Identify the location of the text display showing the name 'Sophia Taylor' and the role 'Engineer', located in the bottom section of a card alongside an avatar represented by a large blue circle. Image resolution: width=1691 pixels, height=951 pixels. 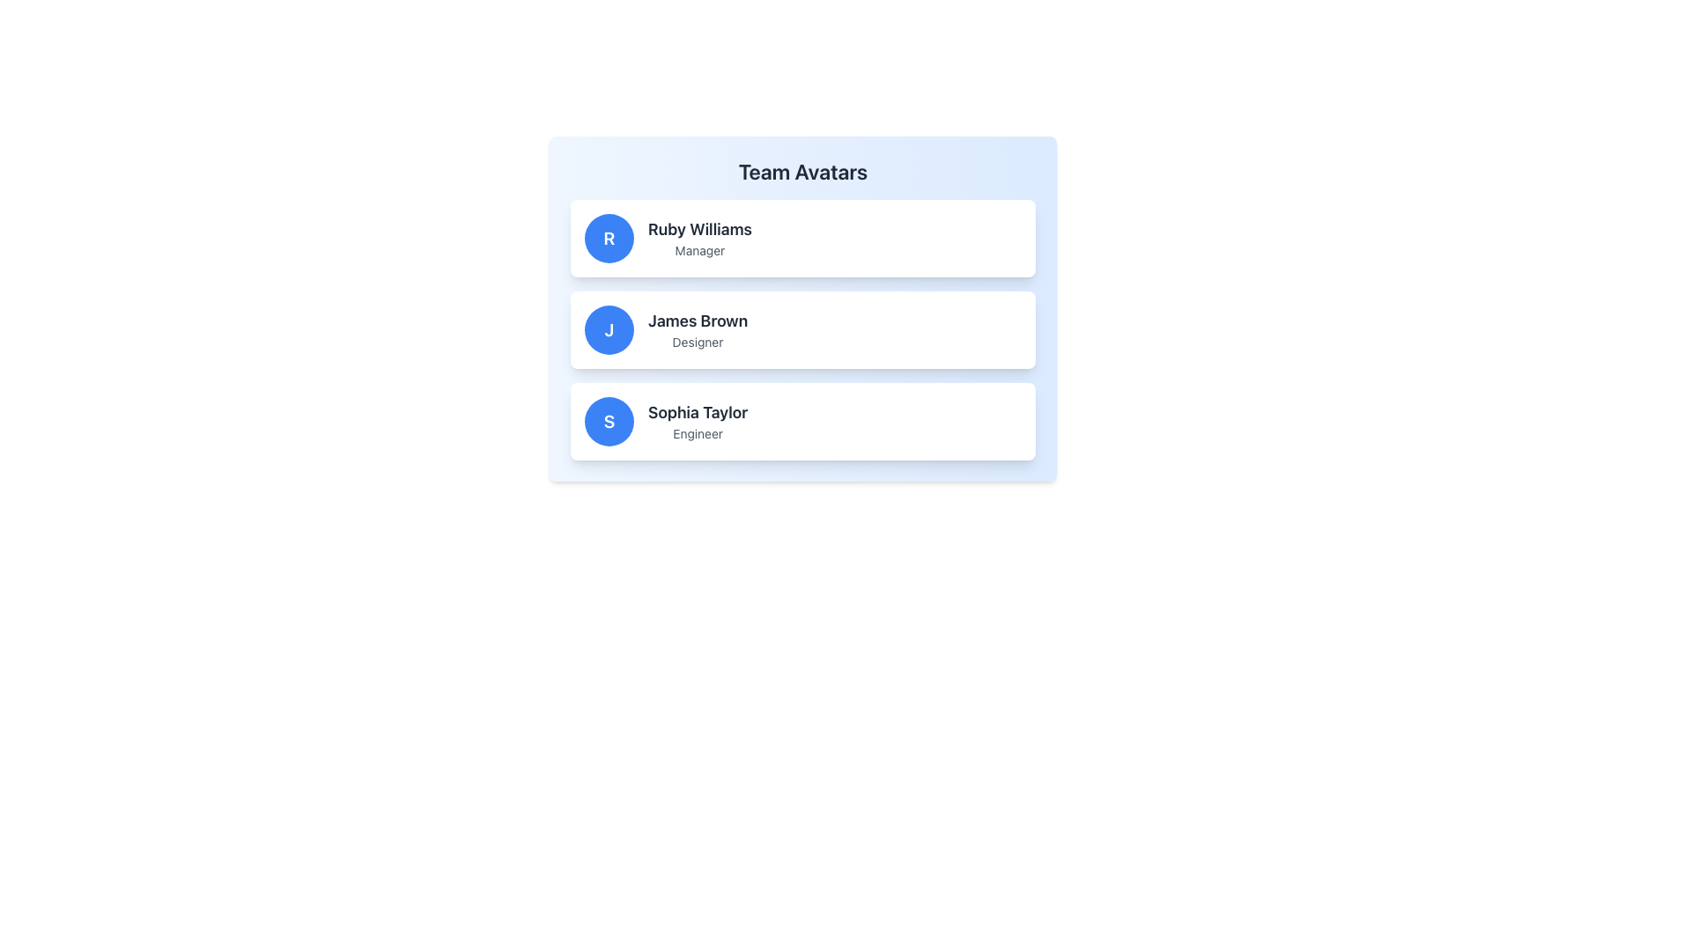
(697, 421).